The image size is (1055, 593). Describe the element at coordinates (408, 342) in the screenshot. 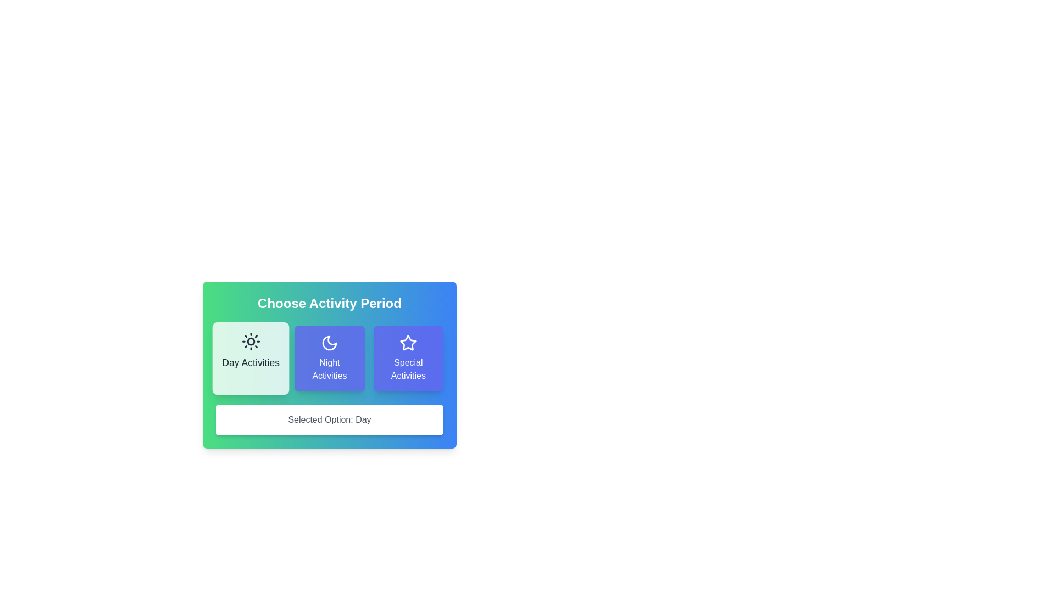

I see `the star-shaped icon with a blue background and light blue outline located within the 'Special Activities' option in the interface` at that location.